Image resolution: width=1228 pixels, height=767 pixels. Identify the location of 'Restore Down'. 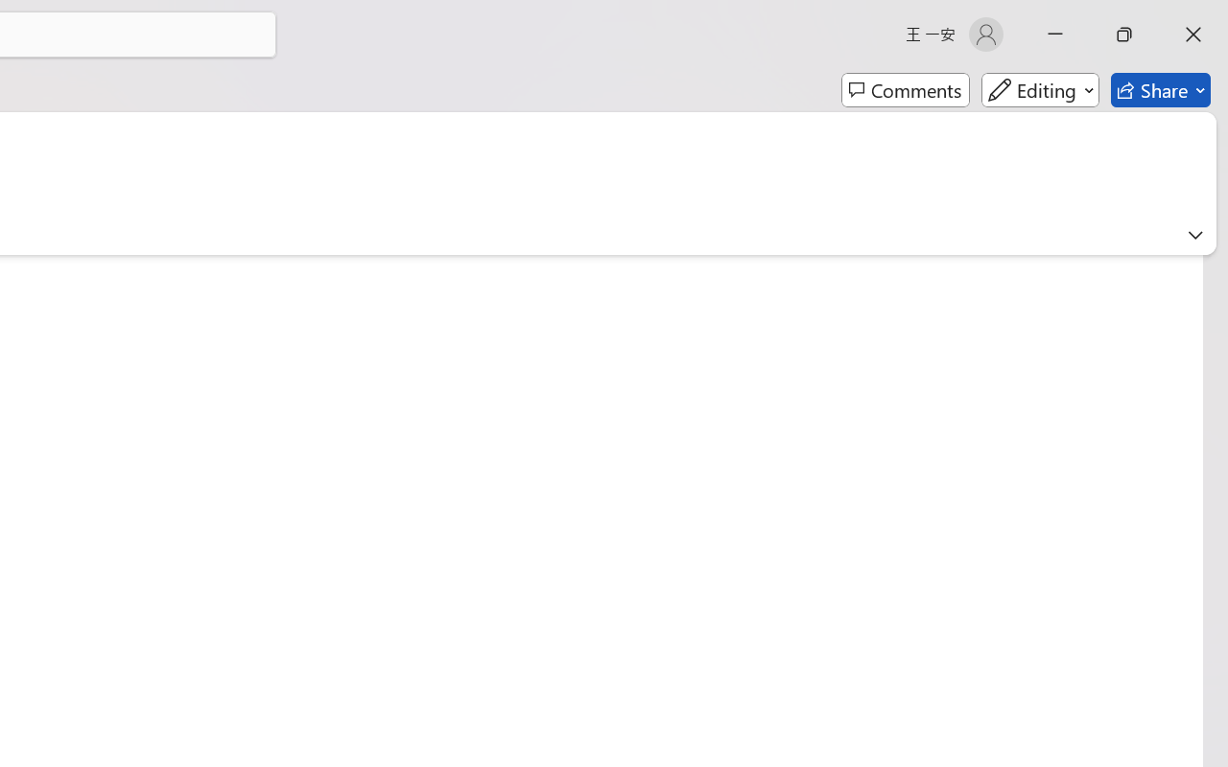
(1124, 34).